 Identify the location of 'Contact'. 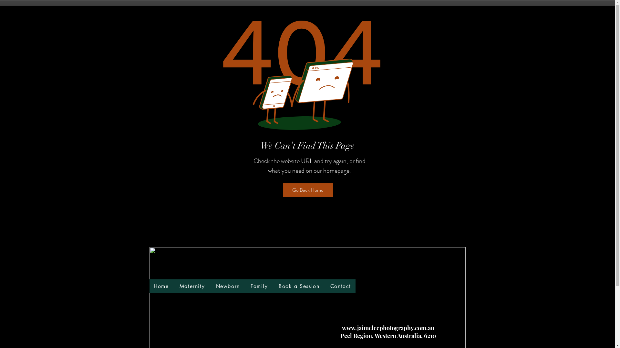
(326, 286).